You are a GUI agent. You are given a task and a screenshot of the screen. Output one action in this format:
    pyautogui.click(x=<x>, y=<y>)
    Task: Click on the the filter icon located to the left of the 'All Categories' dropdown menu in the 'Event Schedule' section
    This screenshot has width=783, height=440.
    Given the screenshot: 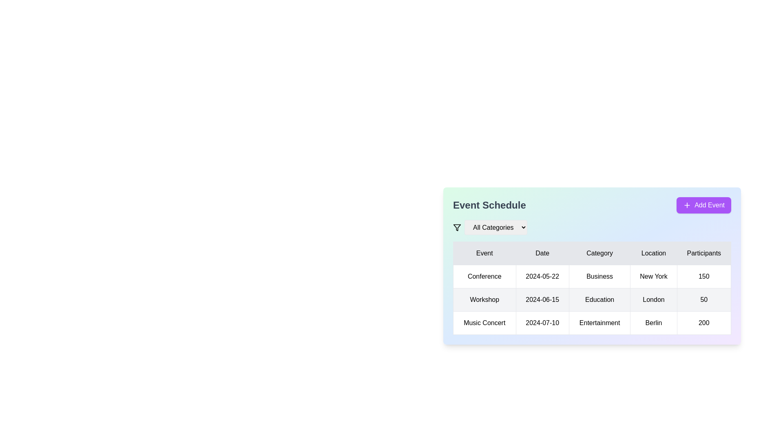 What is the action you would take?
    pyautogui.click(x=457, y=227)
    